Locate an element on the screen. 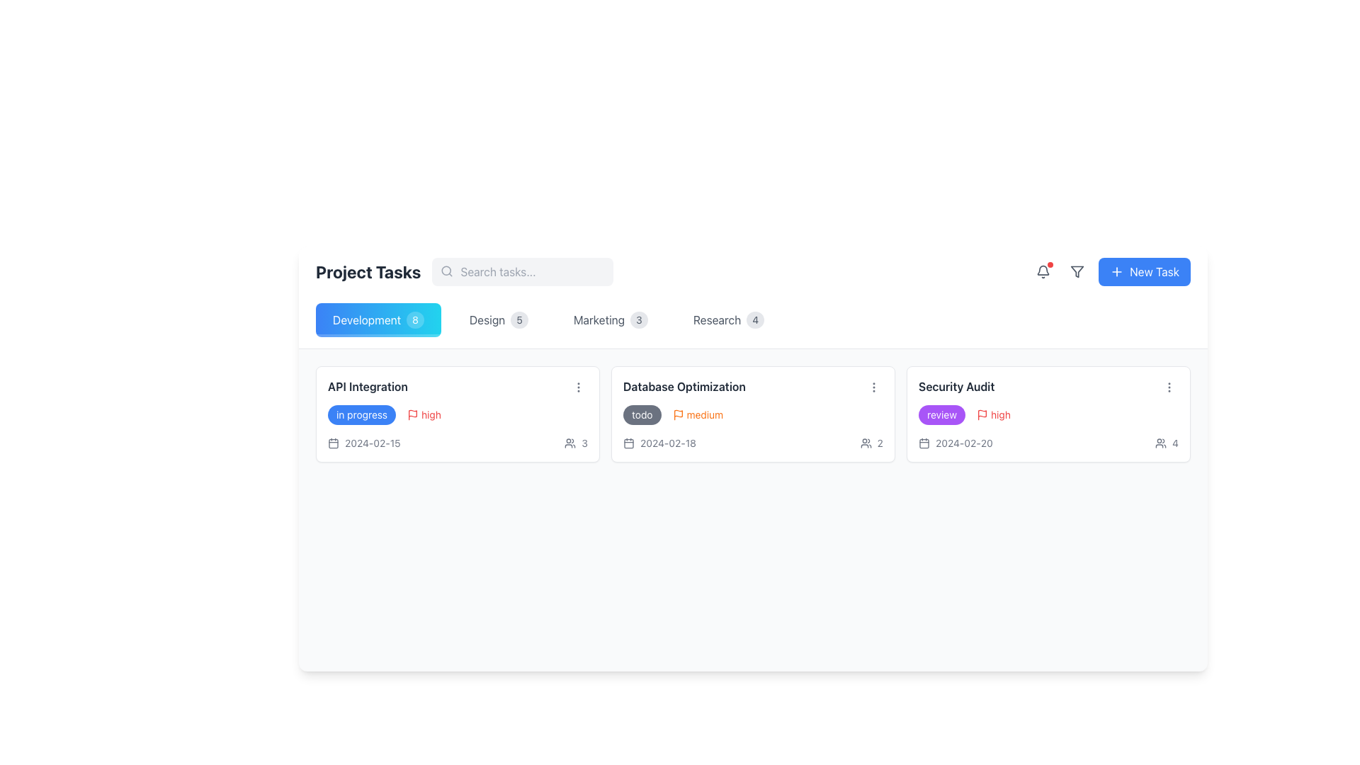  the vertical ellipsis button with three dots located on the 'Database Optimization' card in the 'Project Tasks' interface is located at coordinates (873, 387).